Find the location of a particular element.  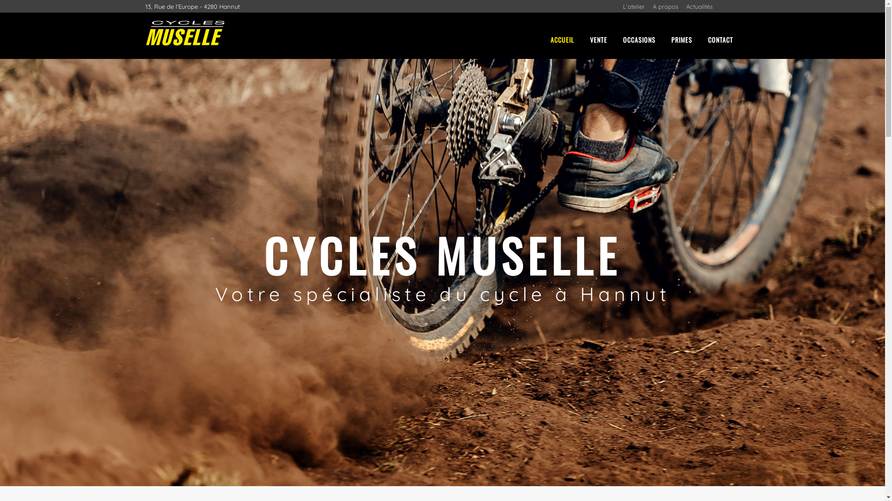

'CONTACT' is located at coordinates (720, 39).